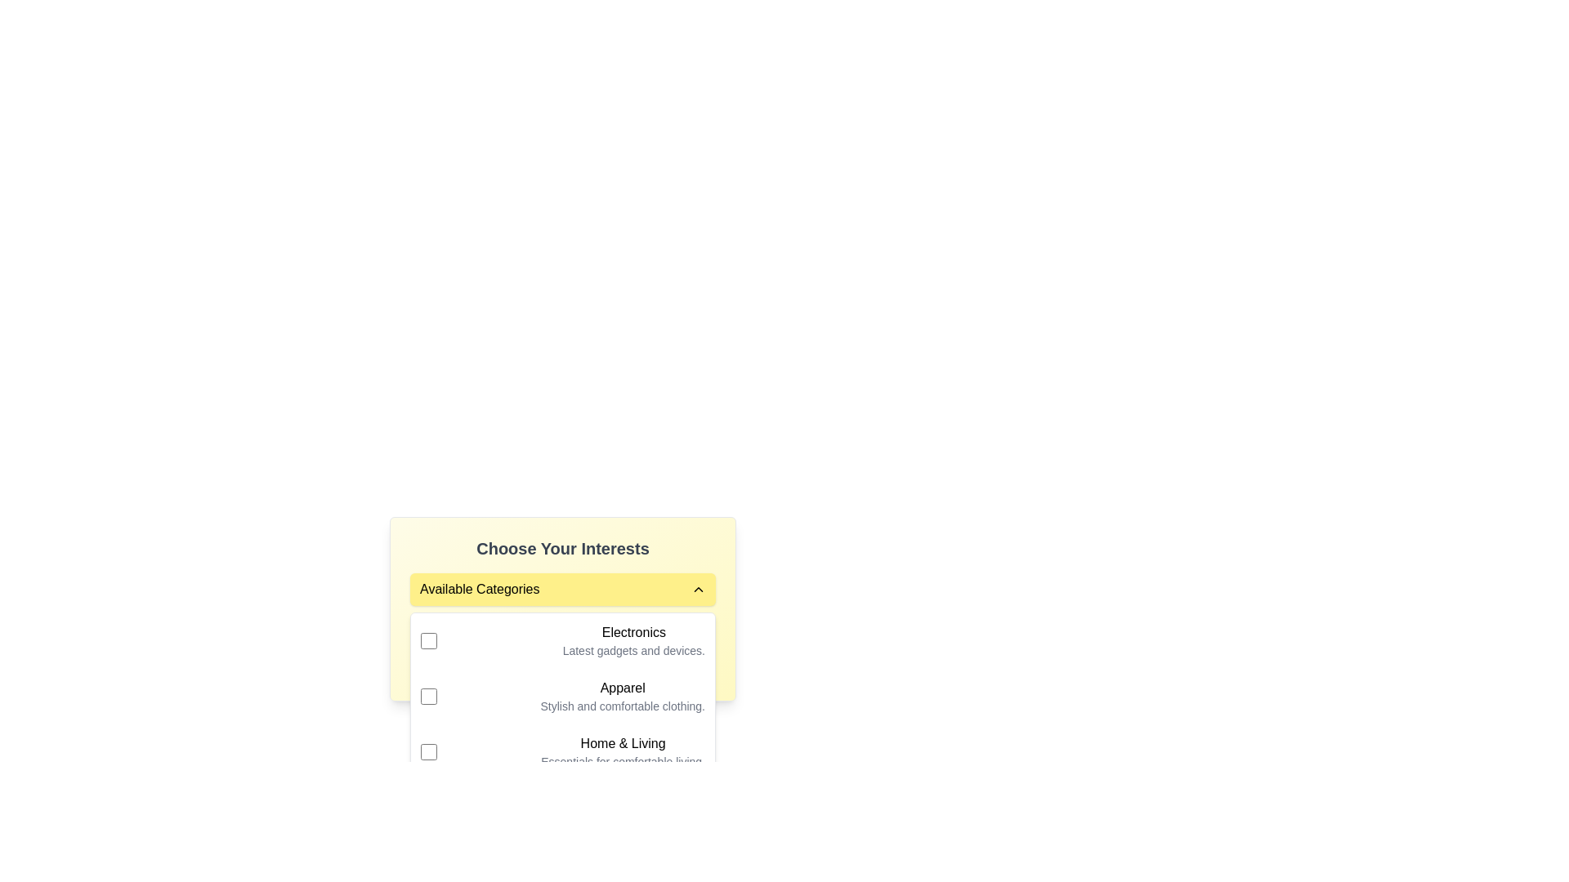  I want to click on the non-interactive text label that identifies the category 'Apparel', which is centrally aligned and positioned above 'Stylish and comfortable clothing.', so click(622, 688).